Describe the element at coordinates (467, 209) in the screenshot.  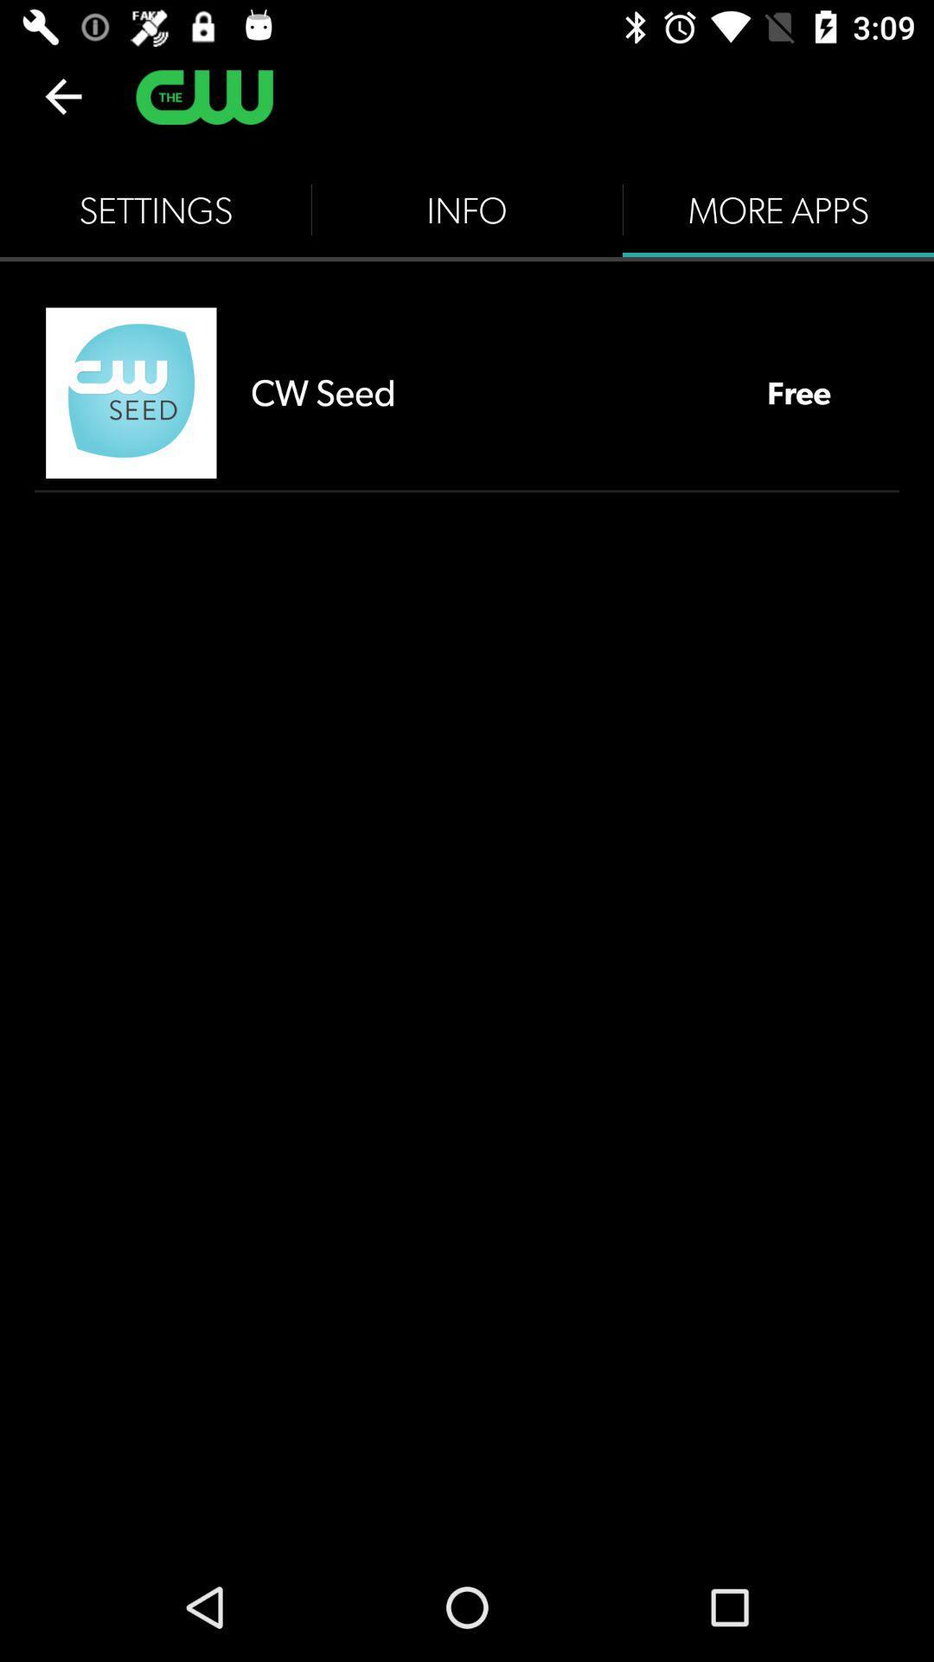
I see `item next to the settings` at that location.